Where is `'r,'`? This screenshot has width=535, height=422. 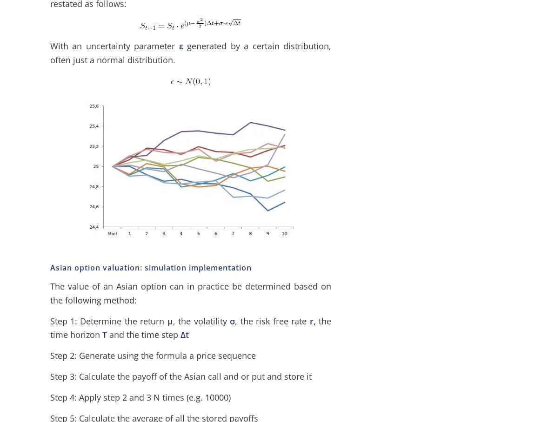 'r,' is located at coordinates (312, 320).